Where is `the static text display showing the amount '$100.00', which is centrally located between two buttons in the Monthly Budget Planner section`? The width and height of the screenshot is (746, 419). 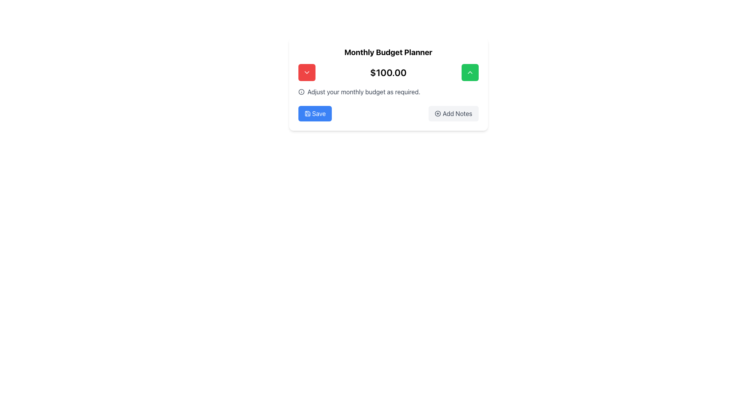 the static text display showing the amount '$100.00', which is centrally located between two buttons in the Monthly Budget Planner section is located at coordinates (388, 72).